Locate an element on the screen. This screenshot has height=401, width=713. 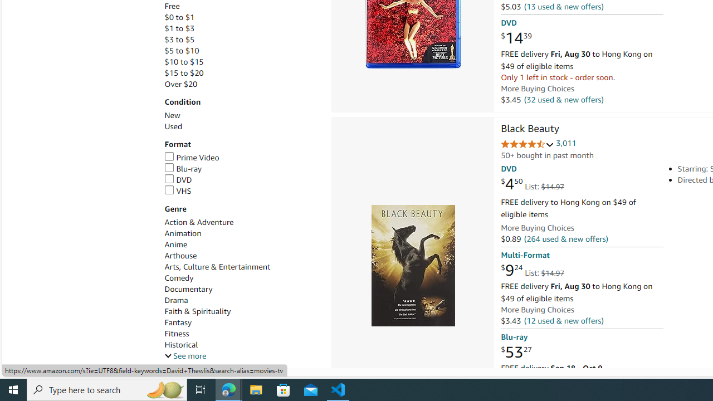
'$10 to $15' is located at coordinates (241, 62).